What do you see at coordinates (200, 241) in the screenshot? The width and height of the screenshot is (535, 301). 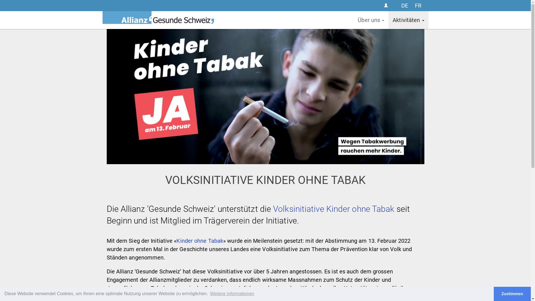 I see `'Kinder ohne Tabak'` at bounding box center [200, 241].